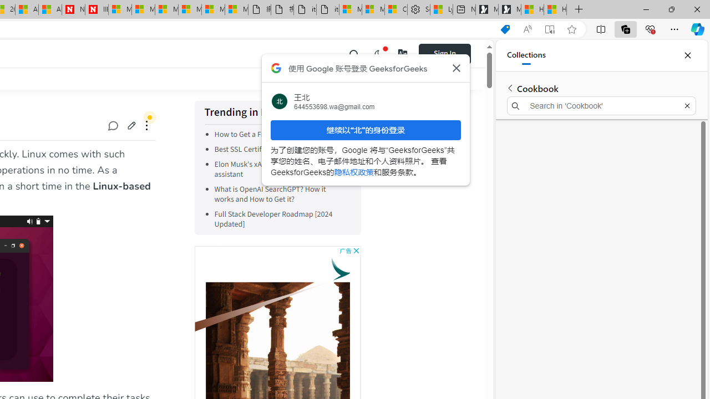 This screenshot has height=399, width=710. What do you see at coordinates (687, 106) in the screenshot?
I see `'Exit search'` at bounding box center [687, 106].